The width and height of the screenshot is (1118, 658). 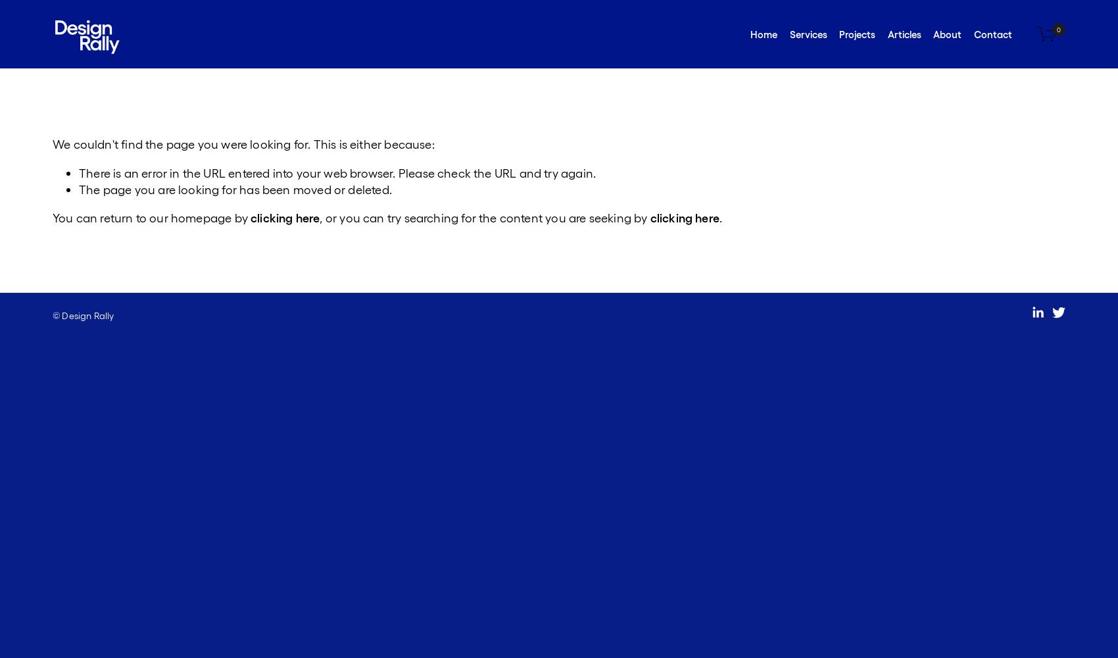 What do you see at coordinates (53, 315) in the screenshot?
I see `'© Design Rally'` at bounding box center [53, 315].